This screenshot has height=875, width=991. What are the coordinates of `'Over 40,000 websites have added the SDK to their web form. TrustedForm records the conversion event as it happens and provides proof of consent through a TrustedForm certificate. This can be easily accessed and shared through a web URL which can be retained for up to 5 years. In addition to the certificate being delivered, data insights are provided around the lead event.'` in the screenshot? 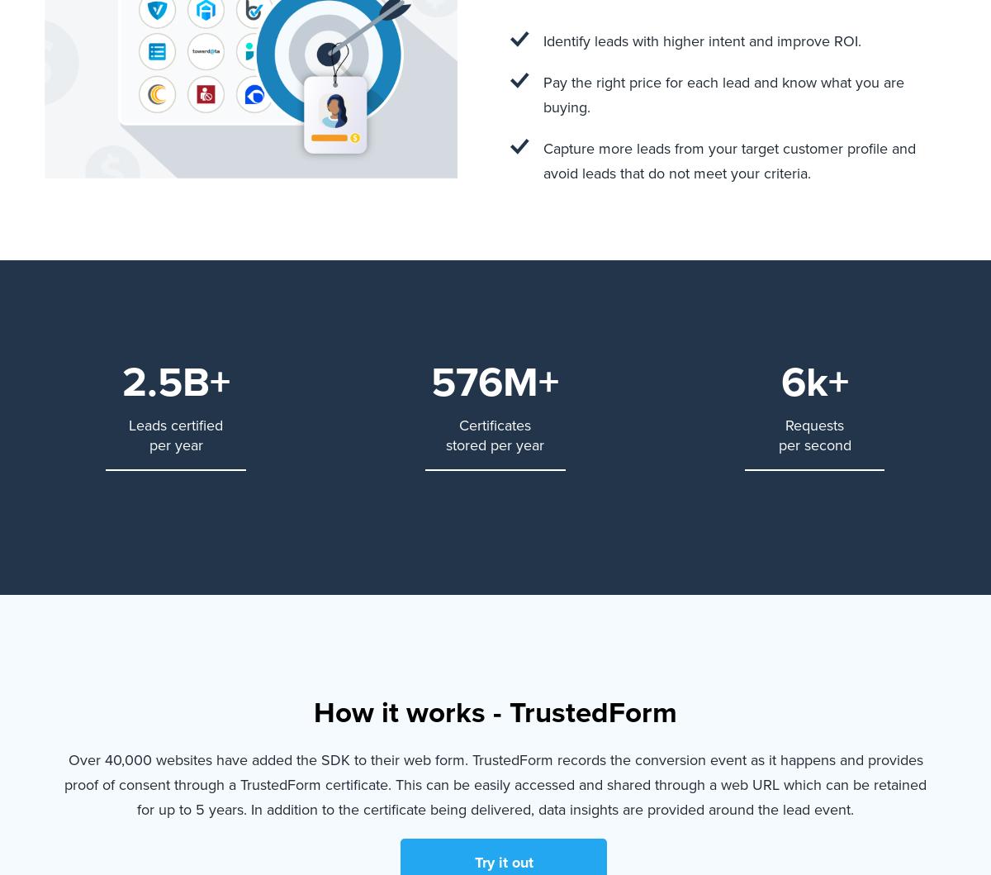 It's located at (495, 783).